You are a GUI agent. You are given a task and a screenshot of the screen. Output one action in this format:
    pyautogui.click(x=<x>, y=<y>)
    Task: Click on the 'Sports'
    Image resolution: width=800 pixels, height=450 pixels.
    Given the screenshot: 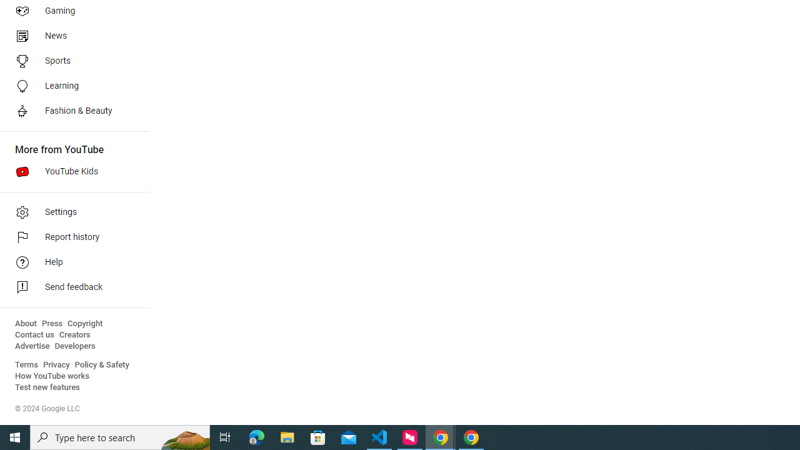 What is the action you would take?
    pyautogui.click(x=70, y=61)
    